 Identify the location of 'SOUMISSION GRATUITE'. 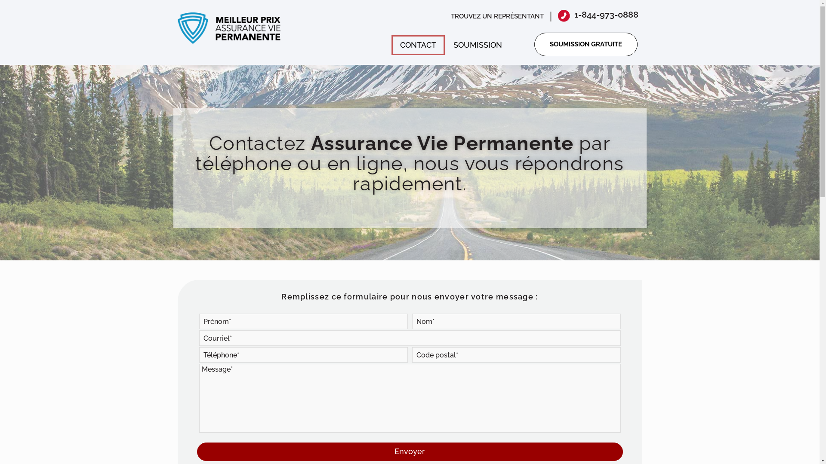
(586, 44).